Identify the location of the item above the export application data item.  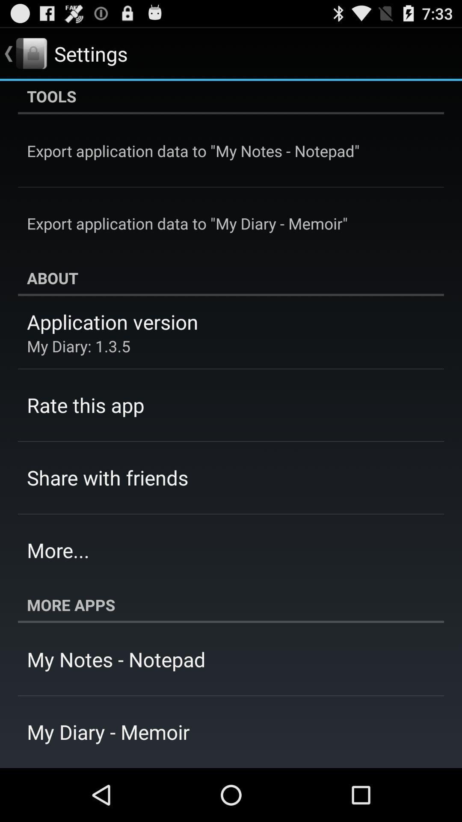
(231, 97).